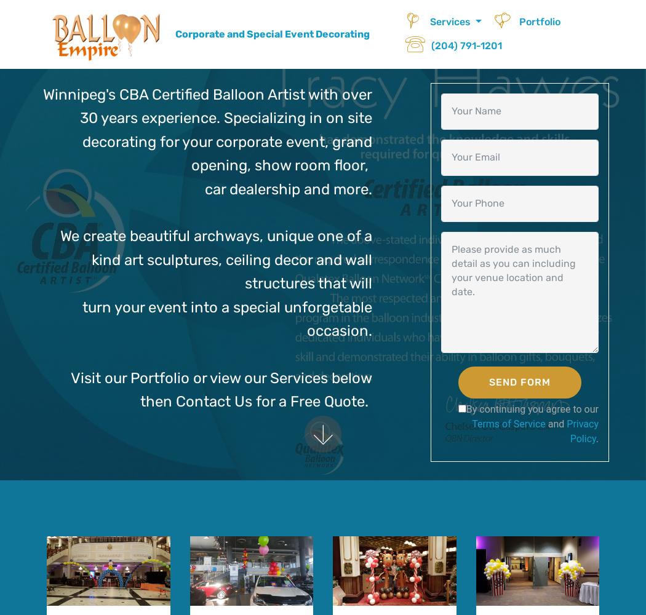  I want to click on 'We create beautiful archways, unique one of a kind art sculptures, ceiling decor and wall structures that will', so click(60, 260).